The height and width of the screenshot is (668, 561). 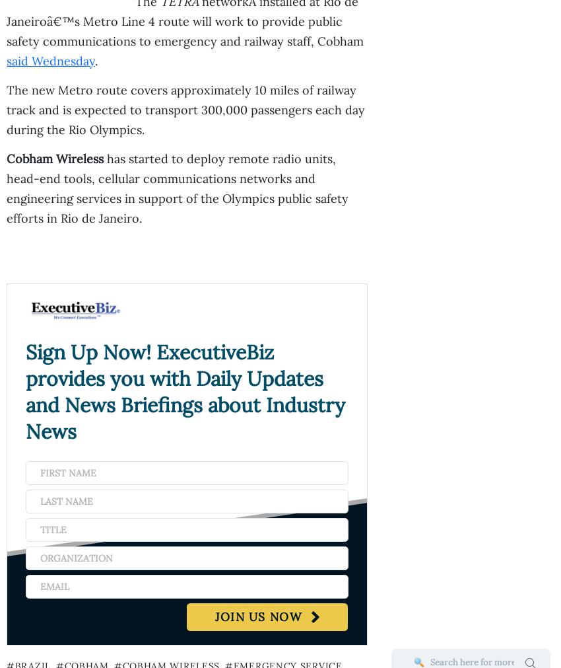 I want to click on 'Seth Kindley Named CTO for Civilian Federal Sector at Hewlett Packard Enterprise', so click(x=276, y=74).